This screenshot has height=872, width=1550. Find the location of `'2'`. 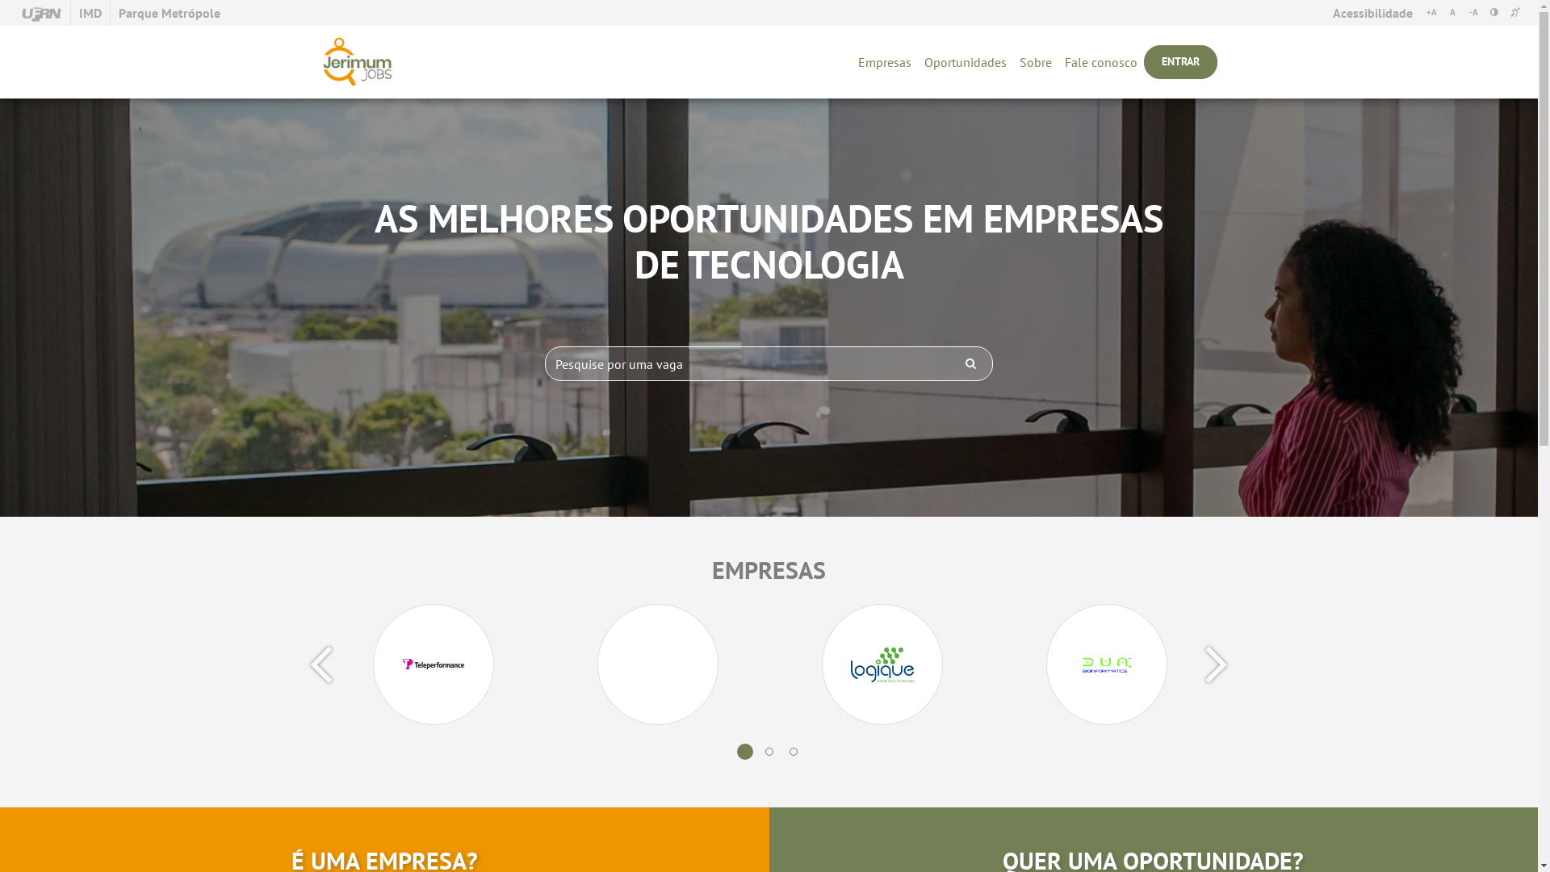

'2' is located at coordinates (765, 751).